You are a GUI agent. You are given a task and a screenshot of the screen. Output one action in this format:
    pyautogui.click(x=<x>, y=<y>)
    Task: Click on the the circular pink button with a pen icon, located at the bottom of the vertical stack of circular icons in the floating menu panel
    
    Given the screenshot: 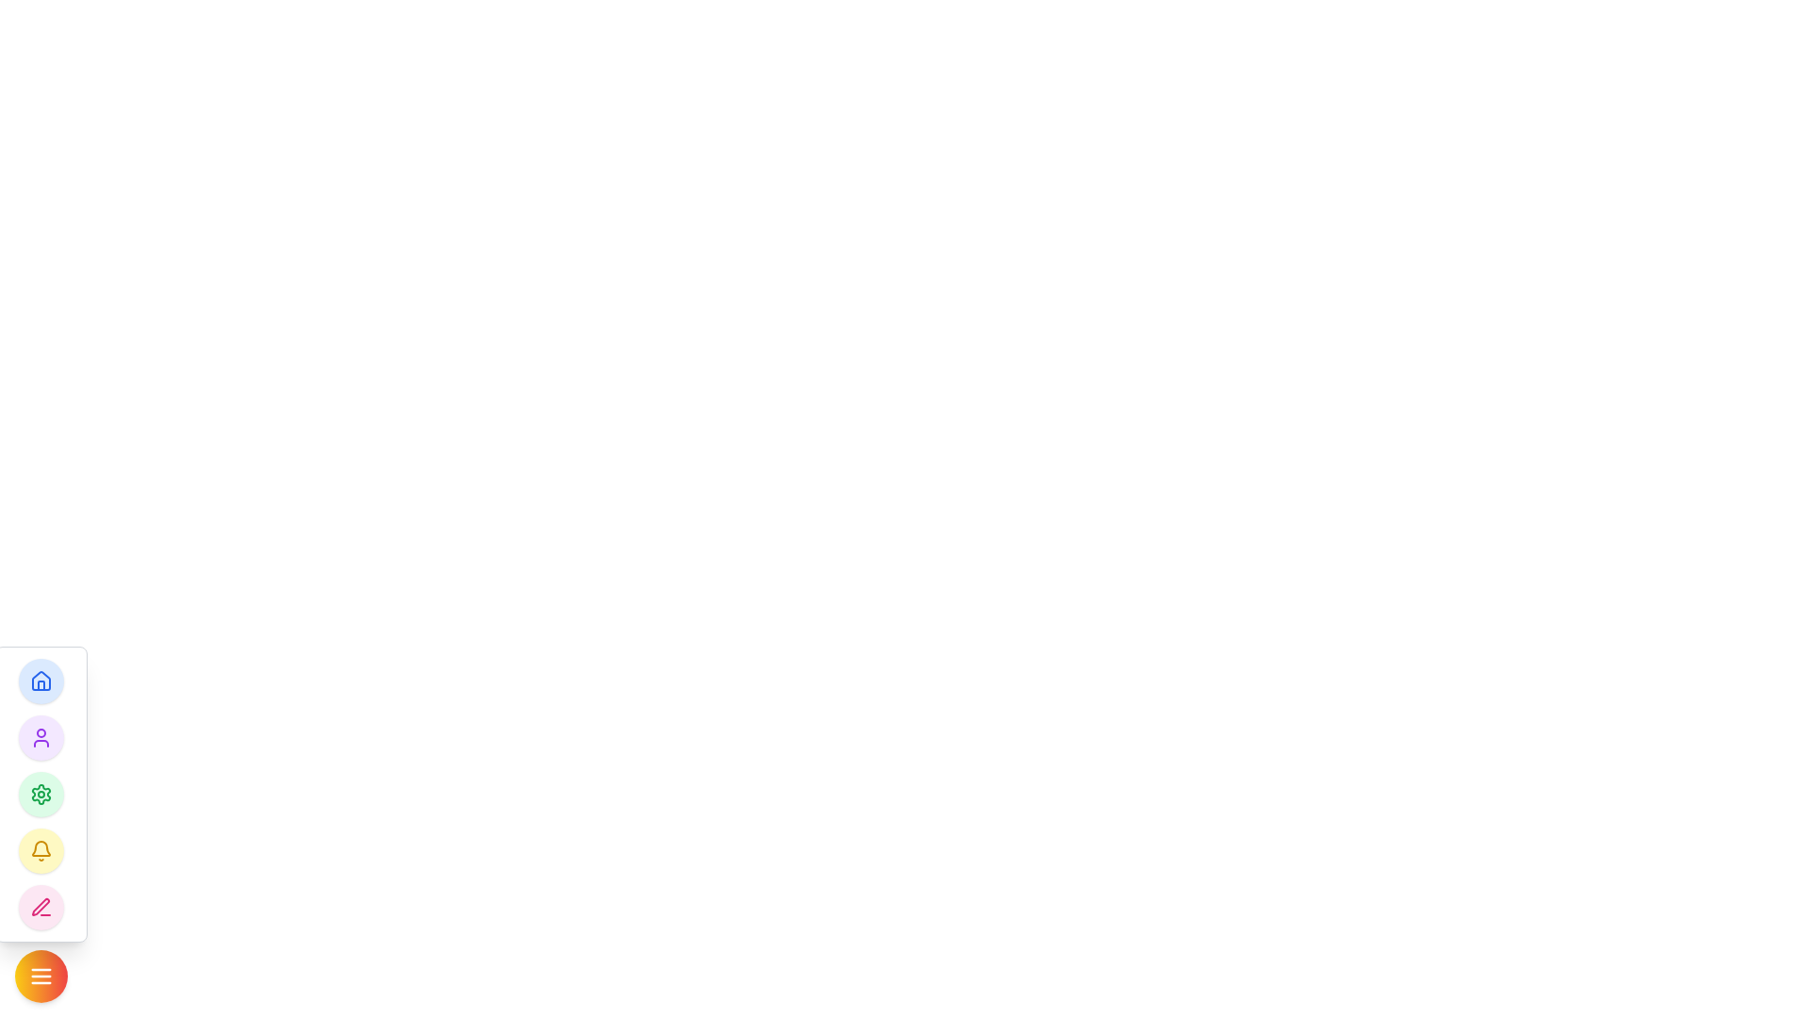 What is the action you would take?
    pyautogui.click(x=41, y=907)
    